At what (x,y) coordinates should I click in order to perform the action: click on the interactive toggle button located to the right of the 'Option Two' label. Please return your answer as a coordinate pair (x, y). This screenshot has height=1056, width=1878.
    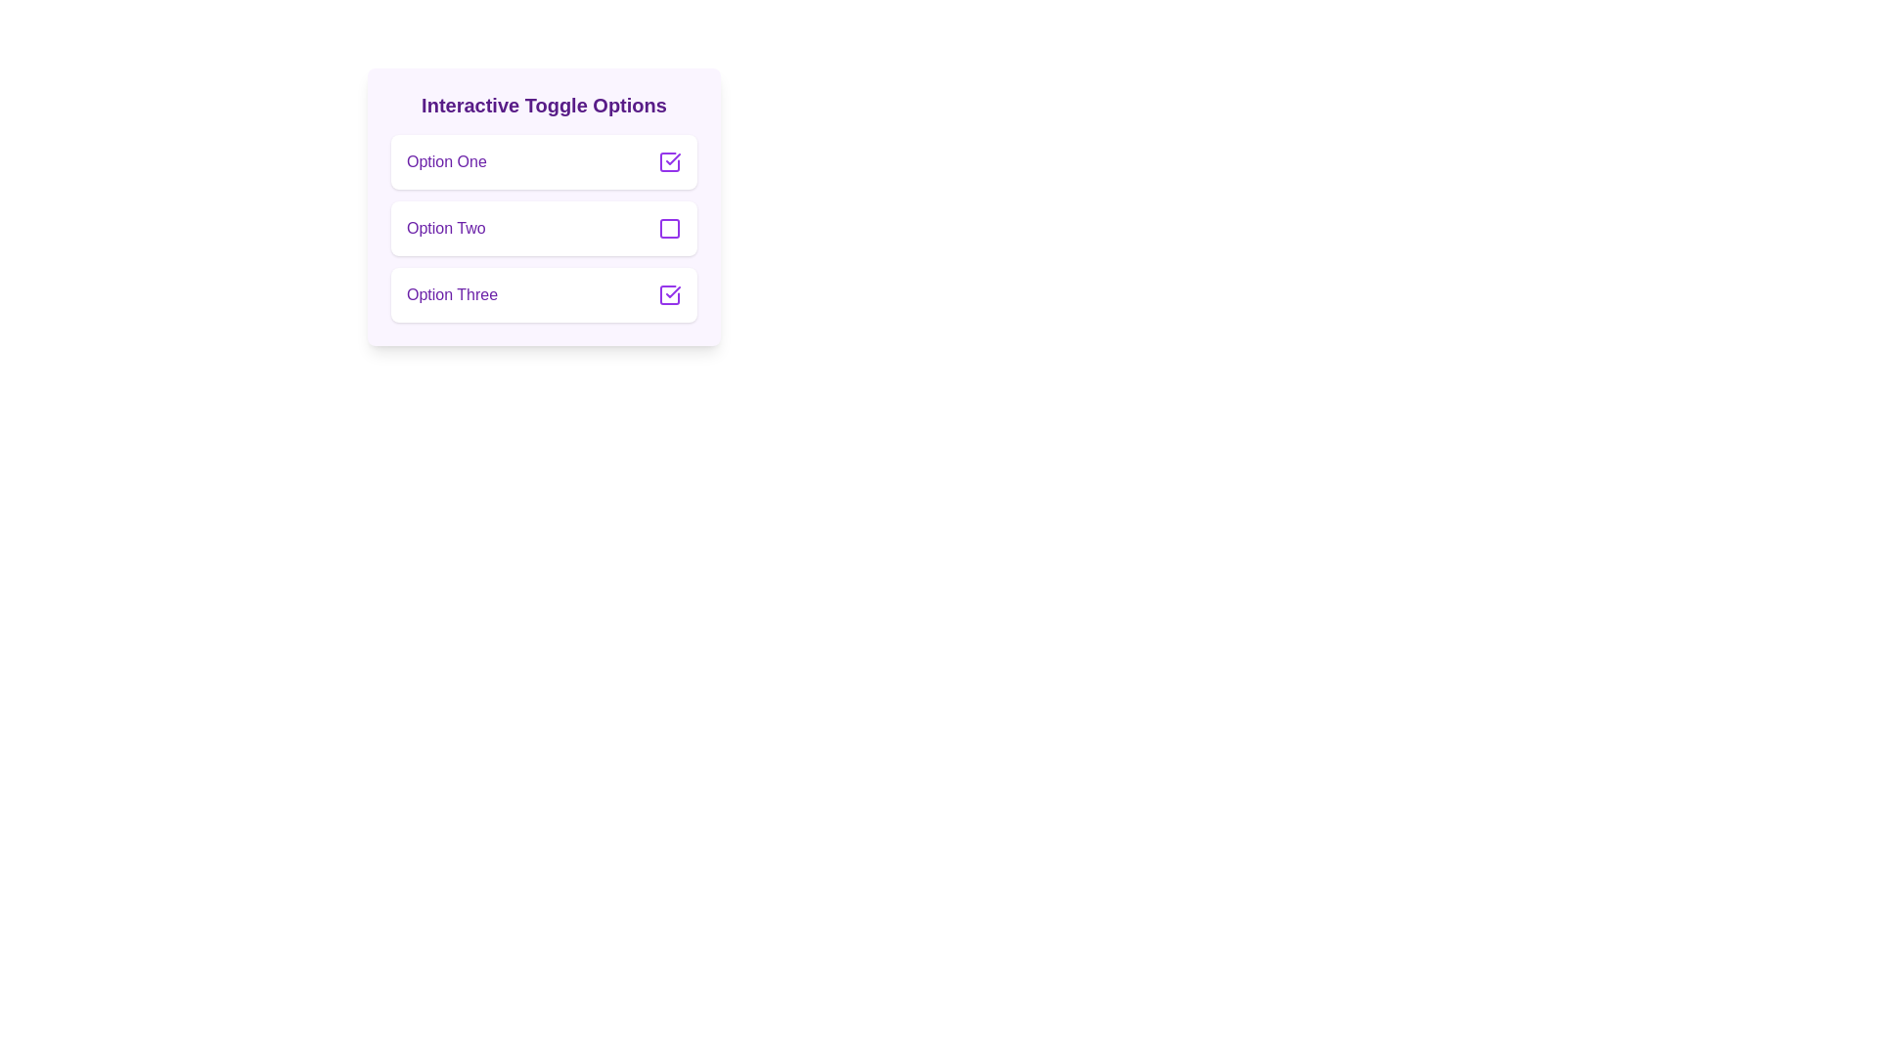
    Looking at the image, I should click on (670, 228).